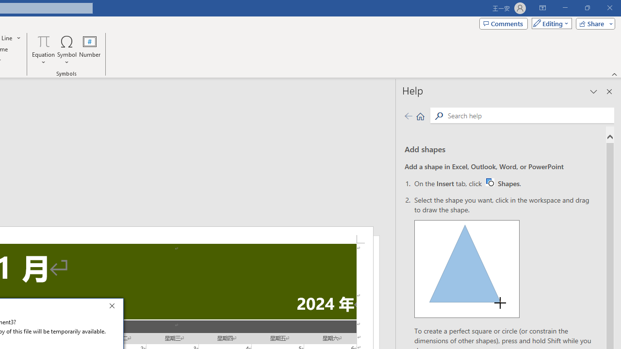 The width and height of the screenshot is (621, 349). What do you see at coordinates (490, 182) in the screenshot?
I see `'Word W32 Shapes button icon'` at bounding box center [490, 182].